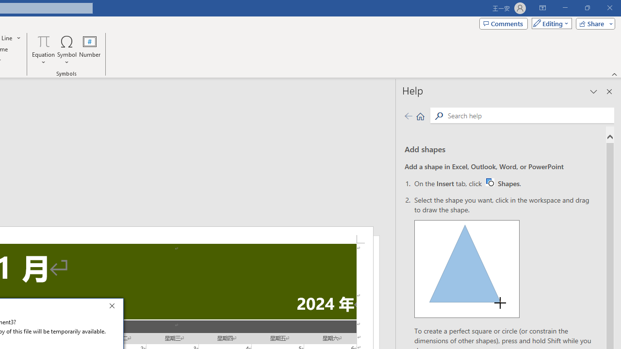 The width and height of the screenshot is (621, 349). What do you see at coordinates (490, 182) in the screenshot?
I see `'Word W32 Shapes button icon'` at bounding box center [490, 182].